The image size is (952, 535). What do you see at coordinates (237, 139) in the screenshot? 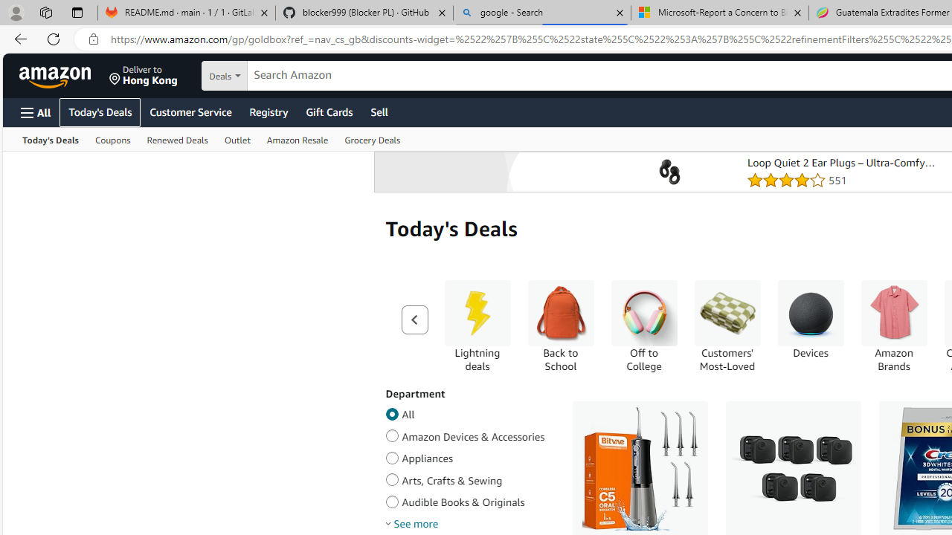
I see `'Outlet'` at bounding box center [237, 139].